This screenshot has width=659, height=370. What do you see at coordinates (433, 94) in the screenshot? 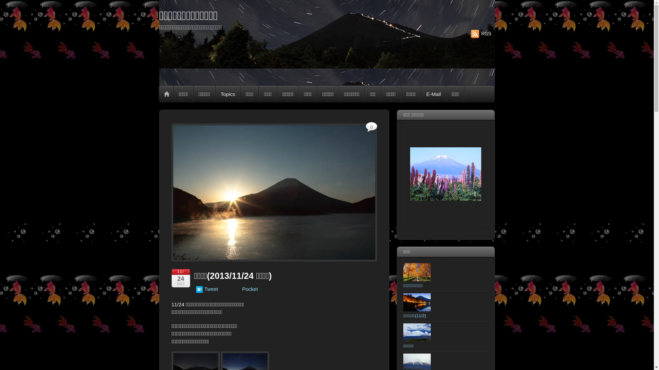
I see `'E-Mail'` at bounding box center [433, 94].